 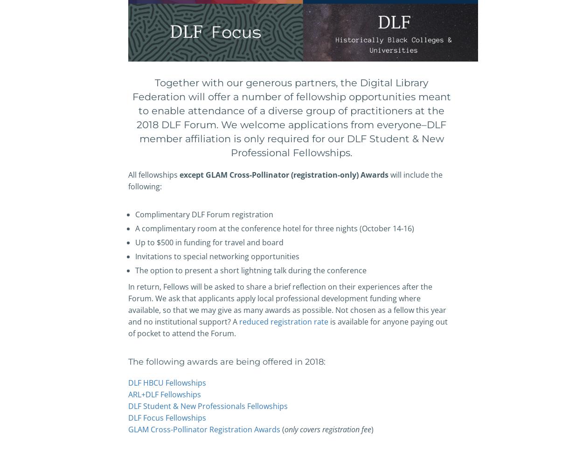 I want to click on 'DLF Student & New Professionals Fellowships', so click(x=208, y=406).